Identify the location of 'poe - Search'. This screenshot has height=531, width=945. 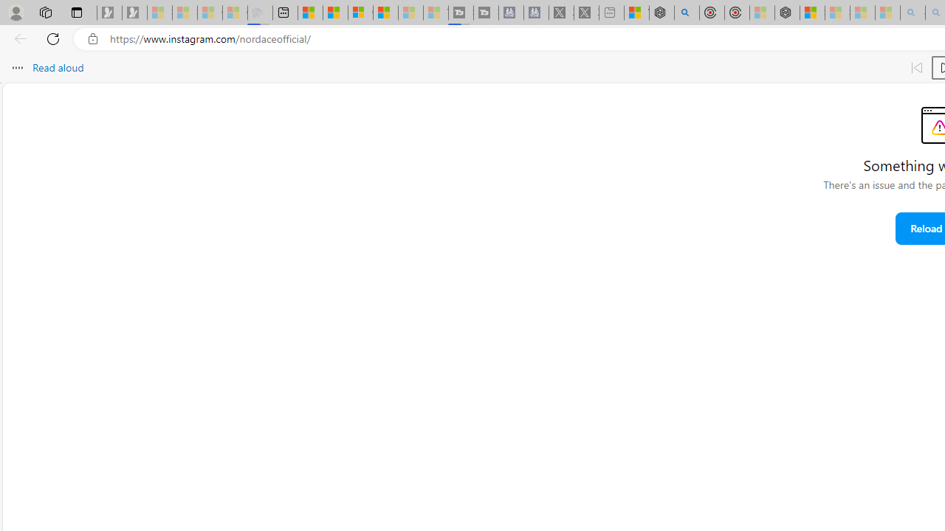
(686, 13).